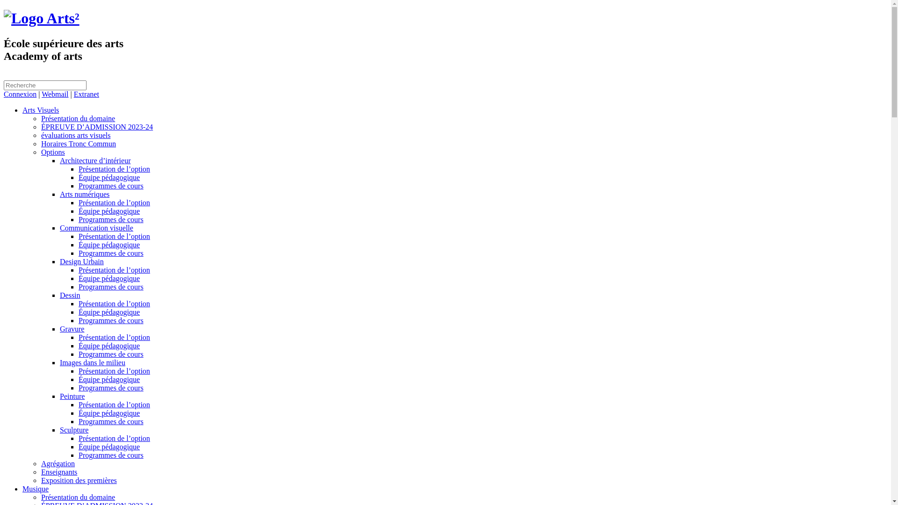 The height and width of the screenshot is (505, 898). Describe the element at coordinates (40, 109) in the screenshot. I see `'Arts Visuels'` at that location.